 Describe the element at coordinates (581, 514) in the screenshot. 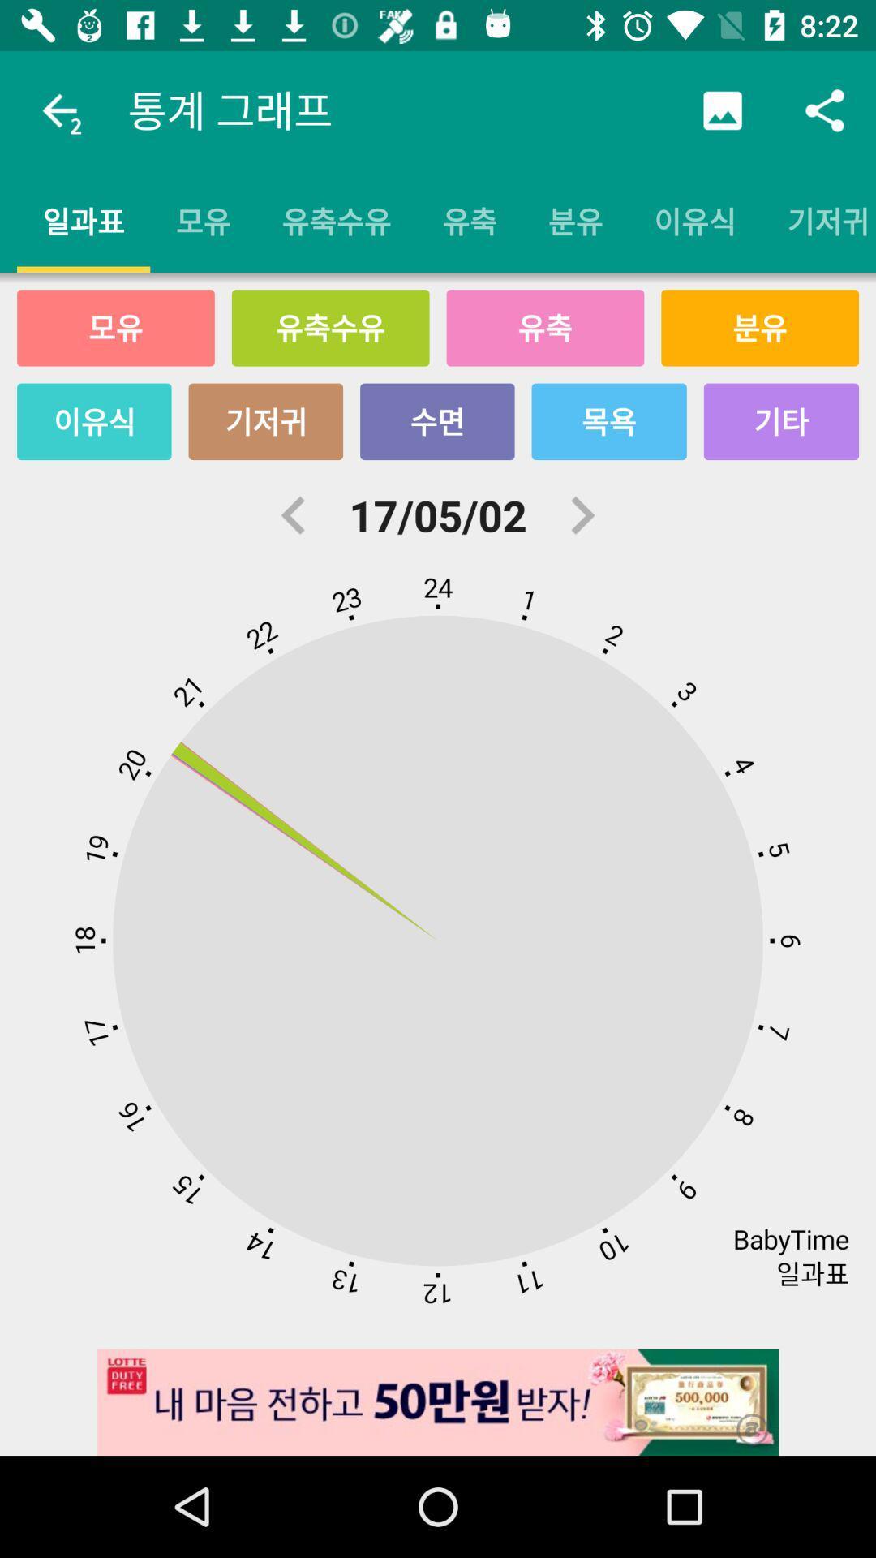

I see `the arrow_forward icon` at that location.